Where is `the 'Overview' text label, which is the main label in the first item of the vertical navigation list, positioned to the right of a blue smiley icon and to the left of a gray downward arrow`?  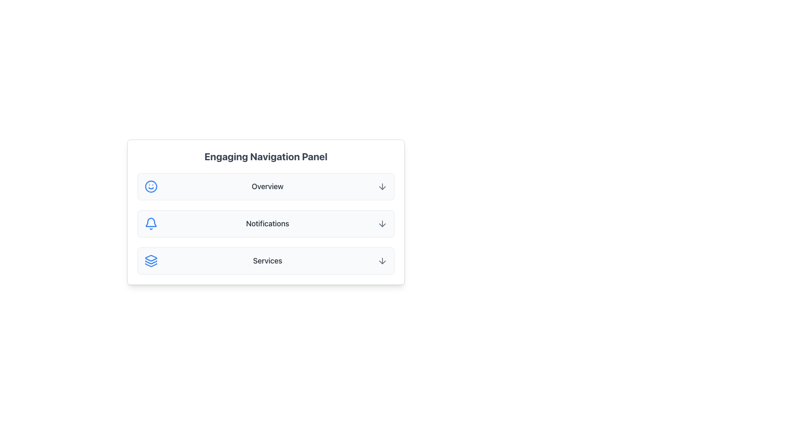 the 'Overview' text label, which is the main label in the first item of the vertical navigation list, positioned to the right of a blue smiley icon and to the left of a gray downward arrow is located at coordinates (268, 186).